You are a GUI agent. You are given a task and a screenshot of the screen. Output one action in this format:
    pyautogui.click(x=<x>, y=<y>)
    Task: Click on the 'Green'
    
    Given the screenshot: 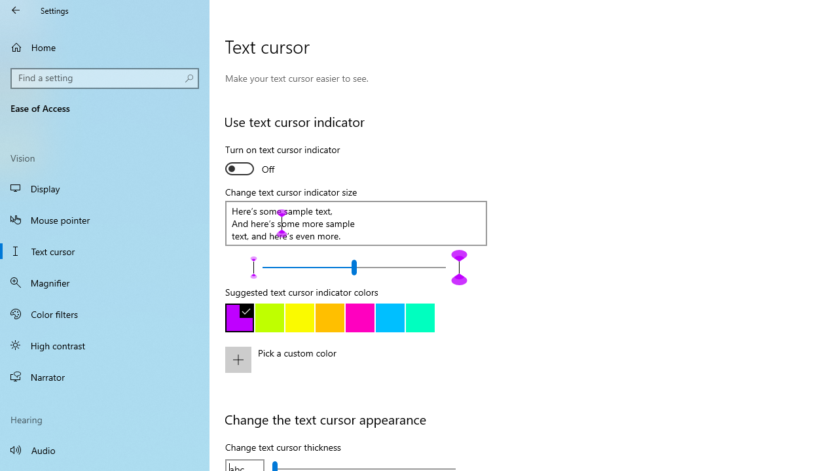 What is the action you would take?
    pyautogui.click(x=420, y=318)
    